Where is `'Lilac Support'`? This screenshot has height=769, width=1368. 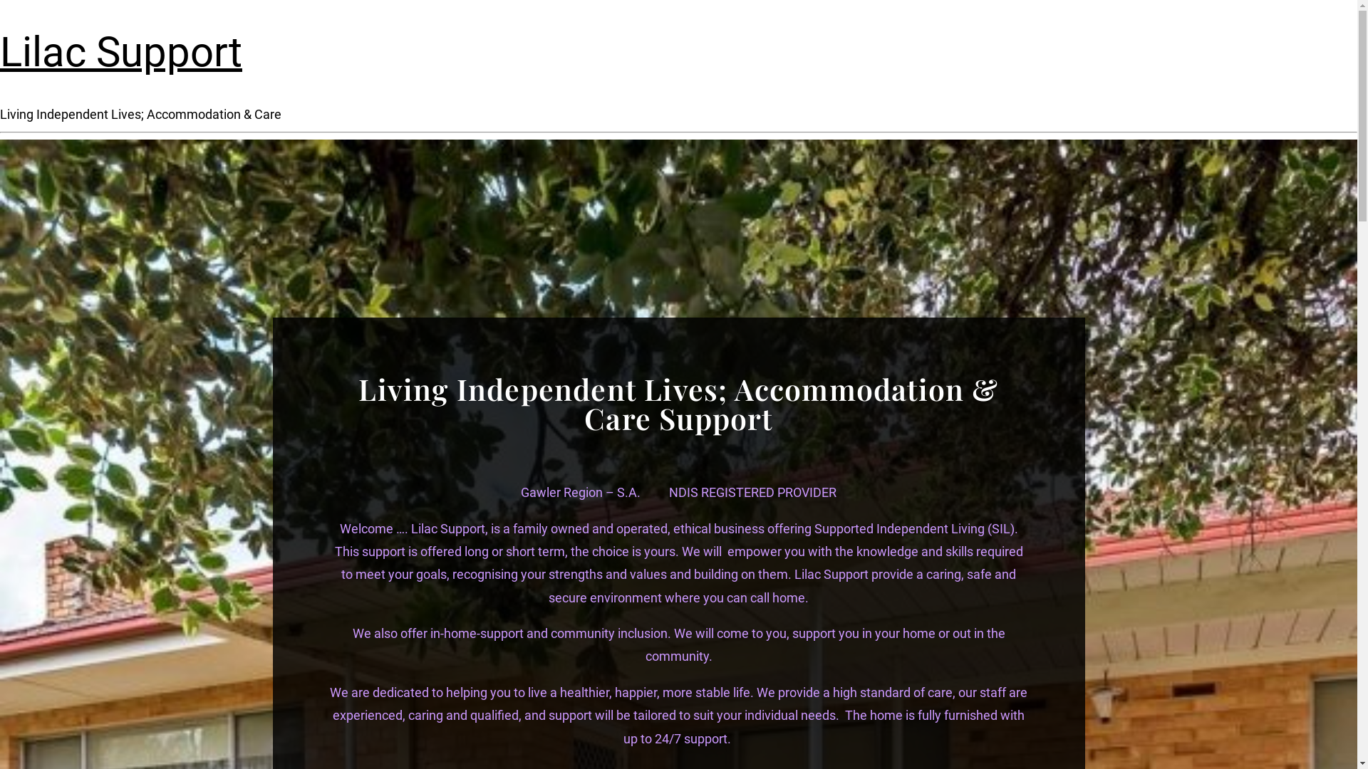 'Lilac Support' is located at coordinates (120, 51).